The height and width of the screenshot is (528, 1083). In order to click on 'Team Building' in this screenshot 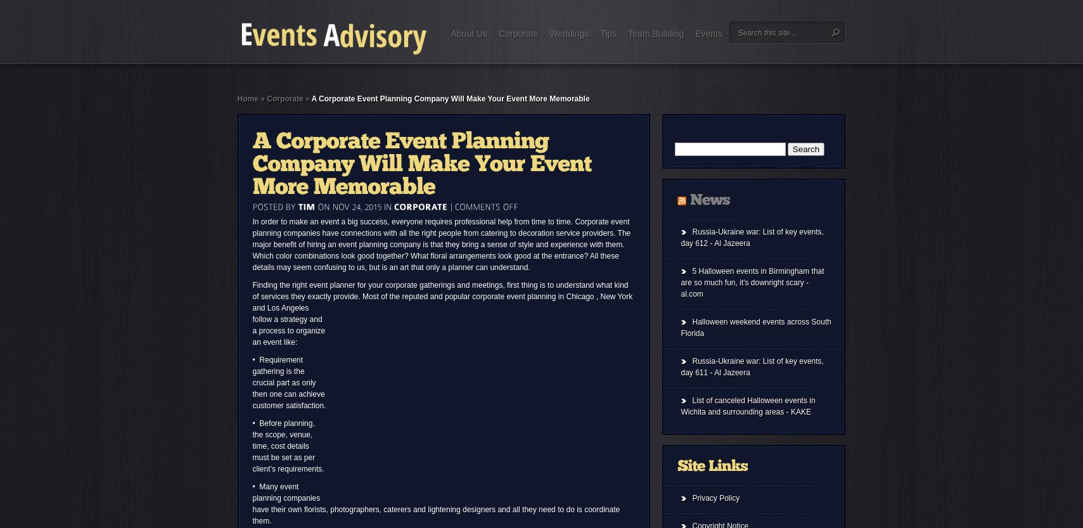, I will do `click(655, 33)`.